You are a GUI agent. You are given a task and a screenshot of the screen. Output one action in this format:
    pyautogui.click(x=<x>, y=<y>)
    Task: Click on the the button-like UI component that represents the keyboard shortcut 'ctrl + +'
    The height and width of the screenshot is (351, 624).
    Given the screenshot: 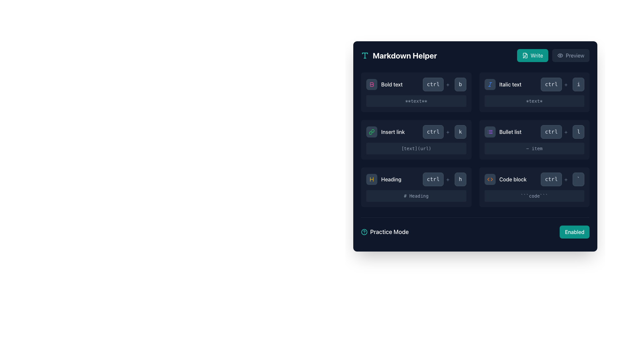 What is the action you would take?
    pyautogui.click(x=437, y=132)
    